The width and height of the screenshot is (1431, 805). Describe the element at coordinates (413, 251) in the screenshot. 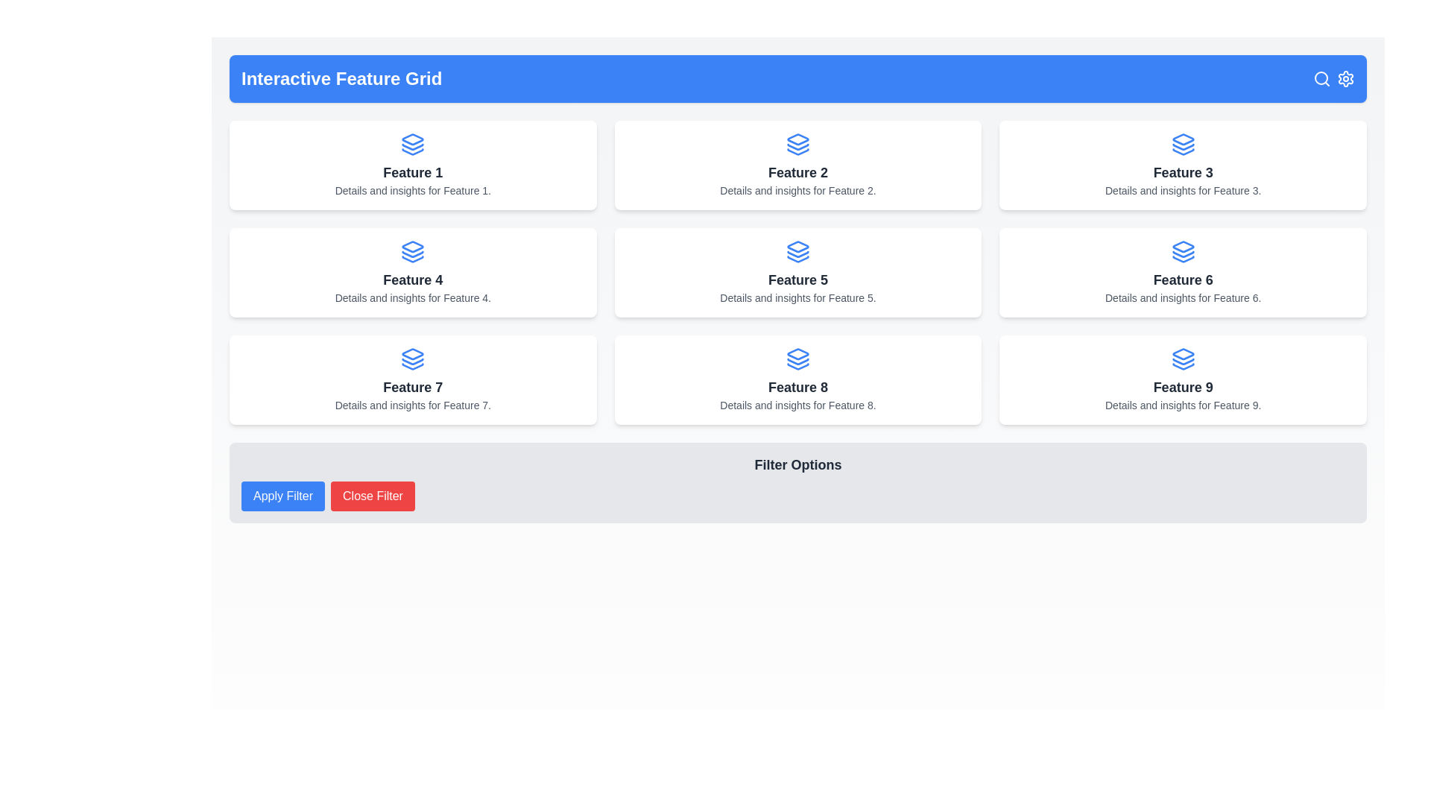

I see `the topmost icon in the block labeled 'Feature 4', which is located in the second row, first column of the grid layout` at that location.